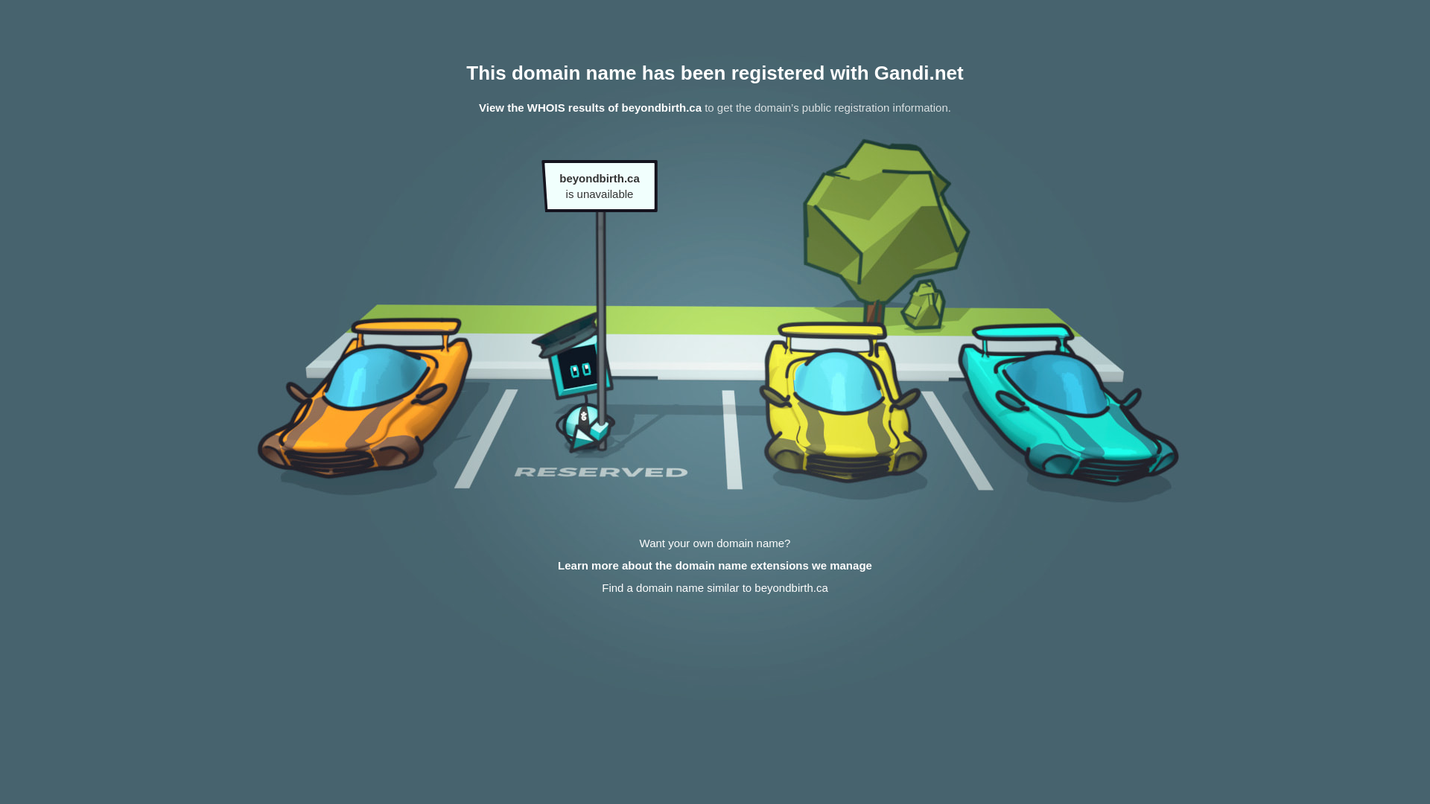 The width and height of the screenshot is (1430, 804). What do you see at coordinates (715, 565) in the screenshot?
I see `'Learn more about the domain name extensions we manage'` at bounding box center [715, 565].